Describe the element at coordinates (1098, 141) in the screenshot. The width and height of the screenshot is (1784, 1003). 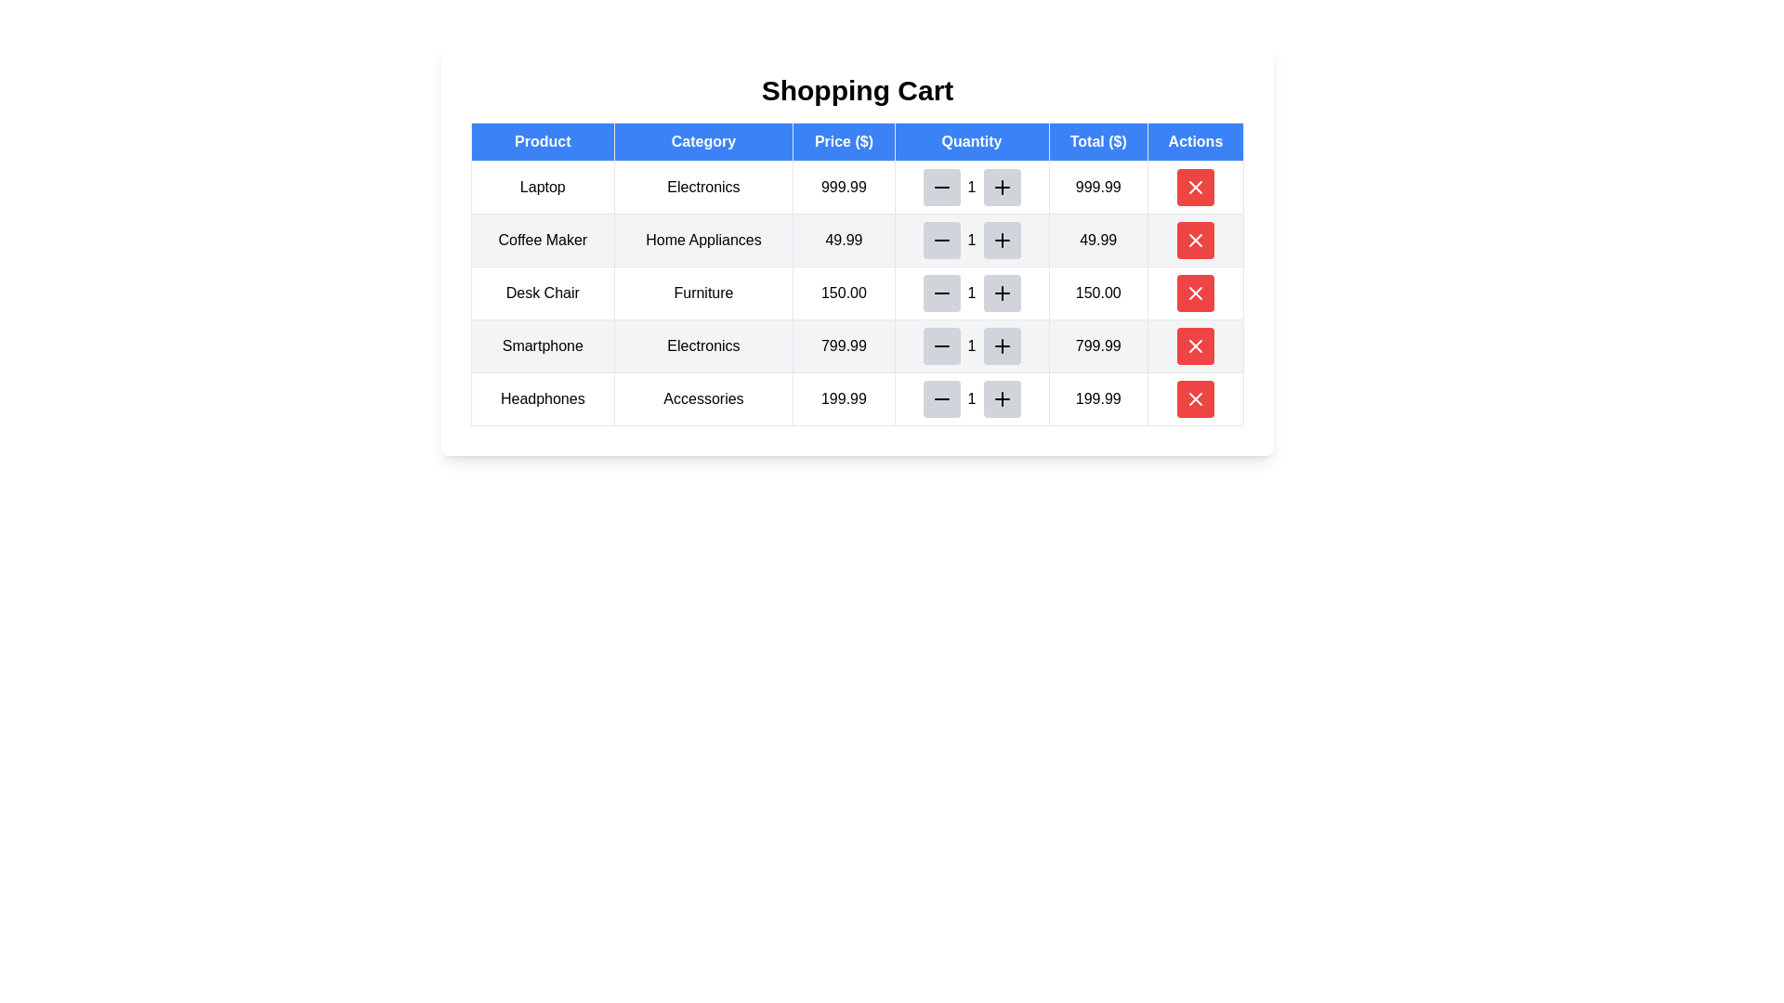
I see `the table header indicating total prices for items in the shopping cart, which is the fifth column header in the table` at that location.